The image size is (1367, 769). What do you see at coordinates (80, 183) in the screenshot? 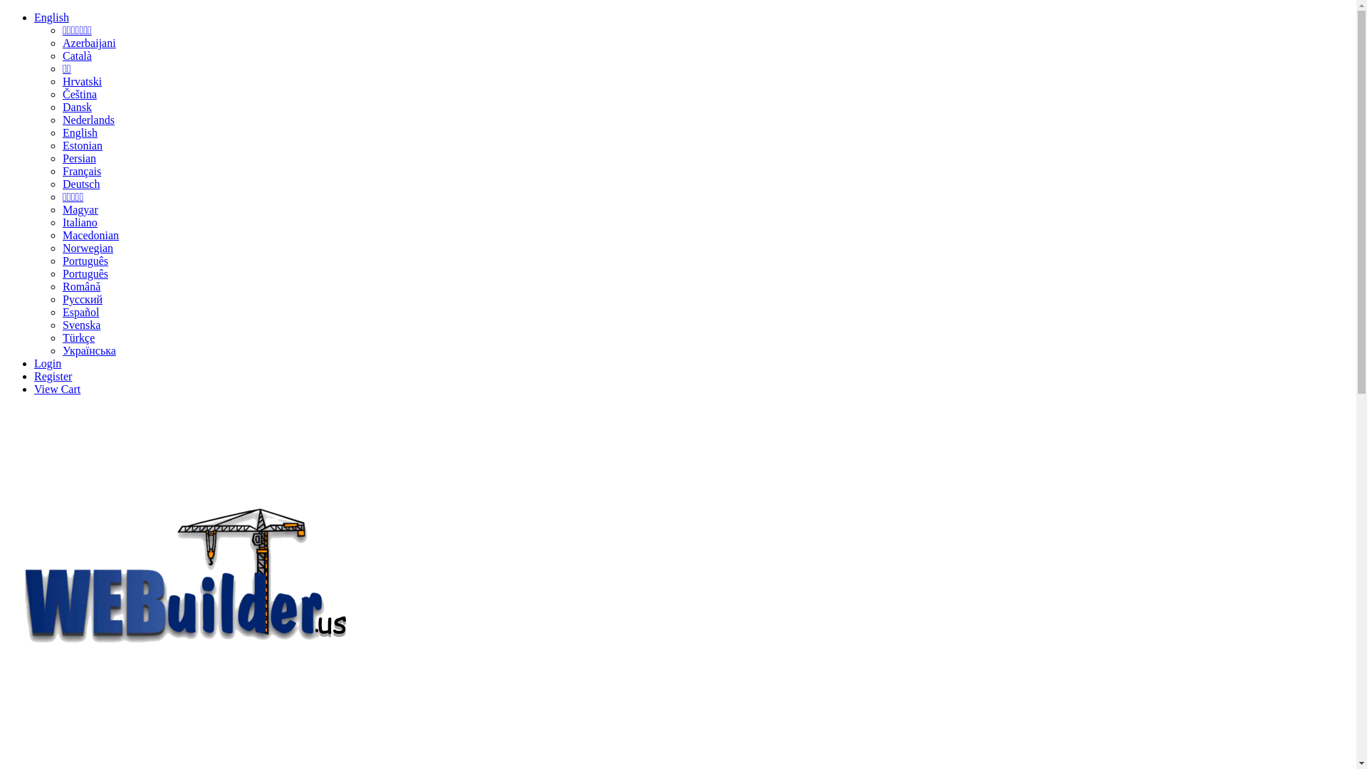
I see `'Deutsch'` at bounding box center [80, 183].